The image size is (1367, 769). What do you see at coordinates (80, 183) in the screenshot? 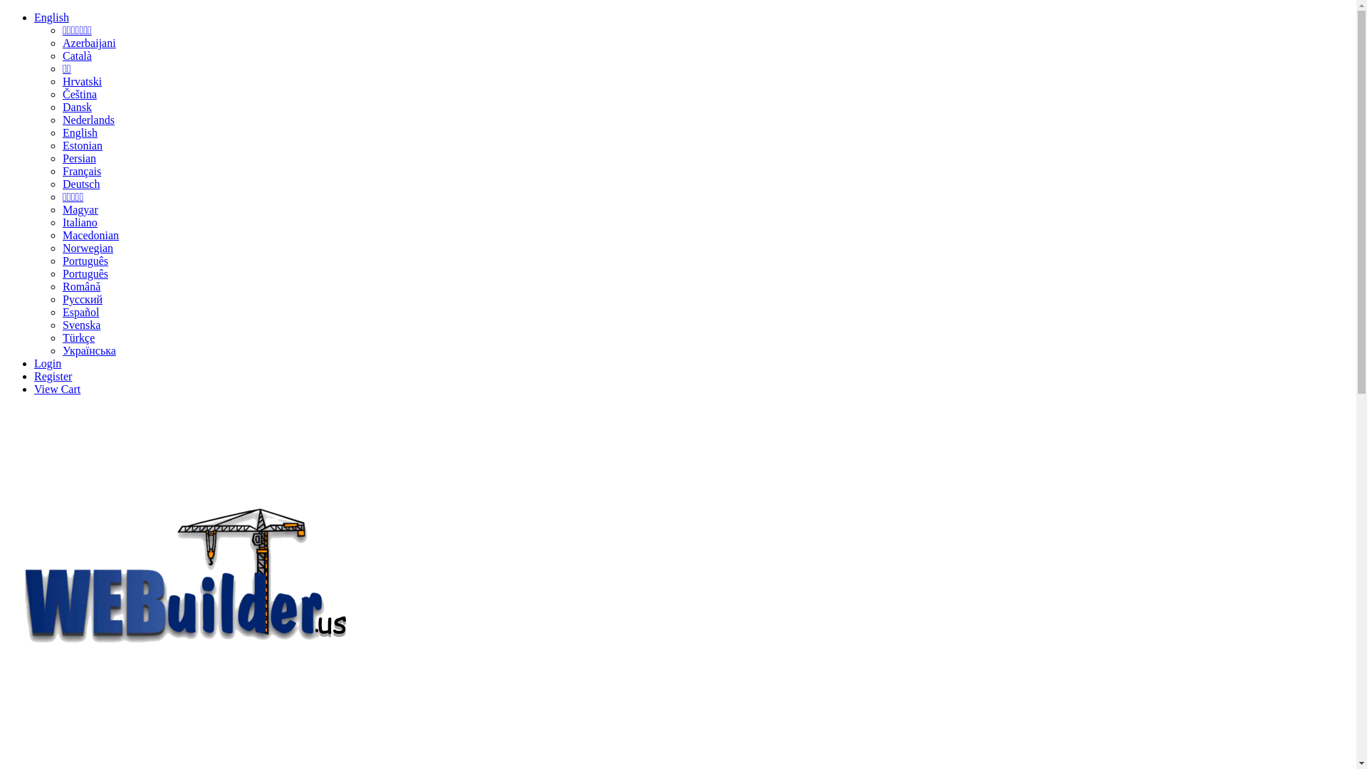
I see `'Deutsch'` at bounding box center [80, 183].